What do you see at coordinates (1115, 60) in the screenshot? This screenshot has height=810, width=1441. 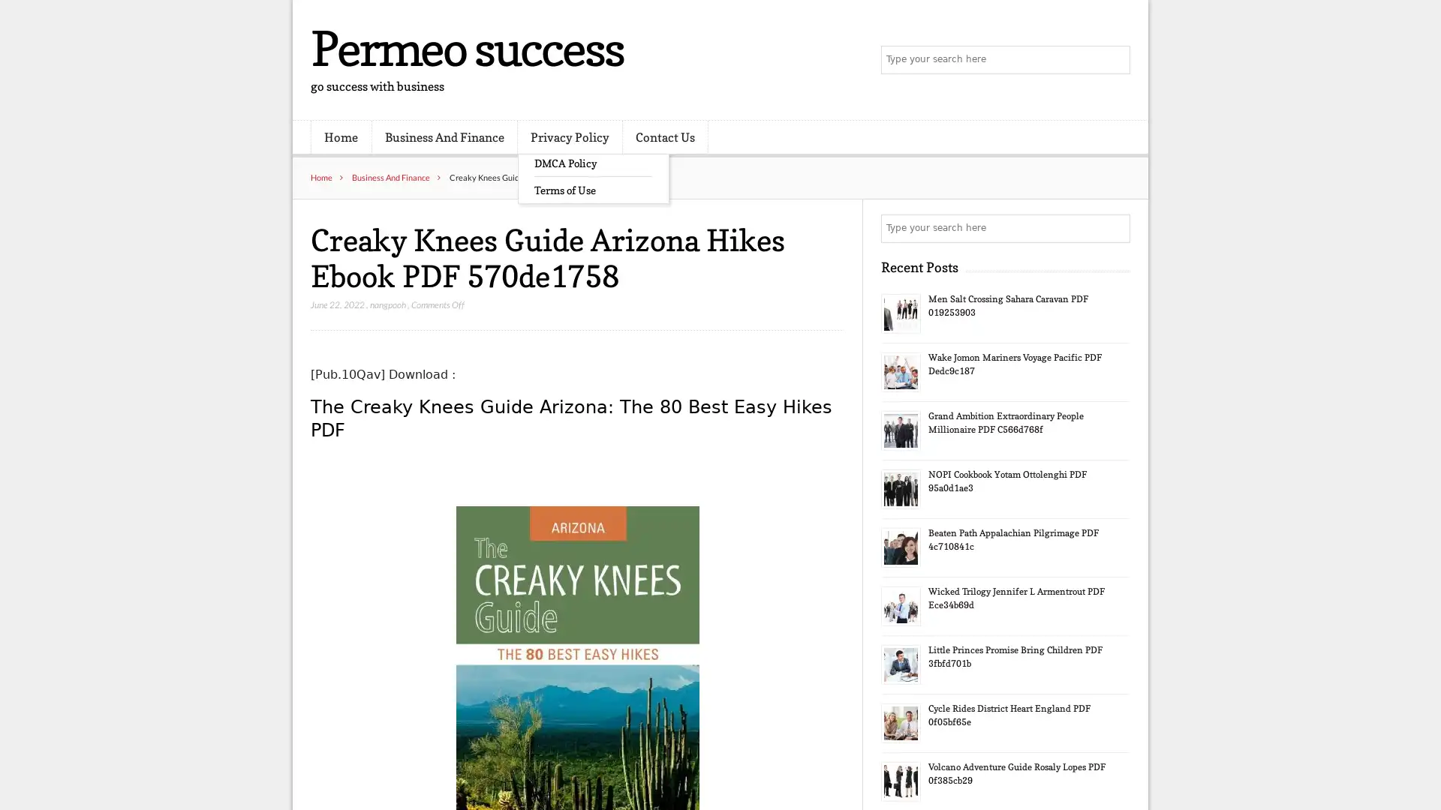 I see `Search` at bounding box center [1115, 60].